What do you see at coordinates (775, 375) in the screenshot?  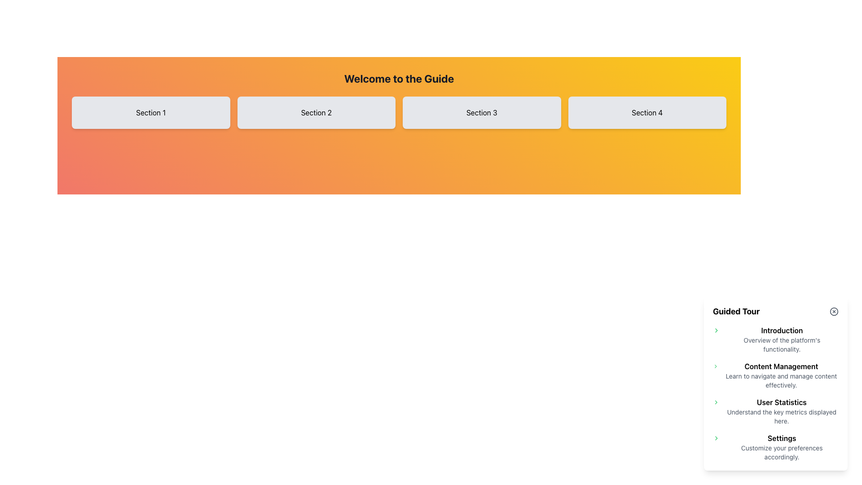 I see `the second list item in the Guided Tour panel that provides access to content management, which includes a title, description, and an arrow icon` at bounding box center [775, 375].